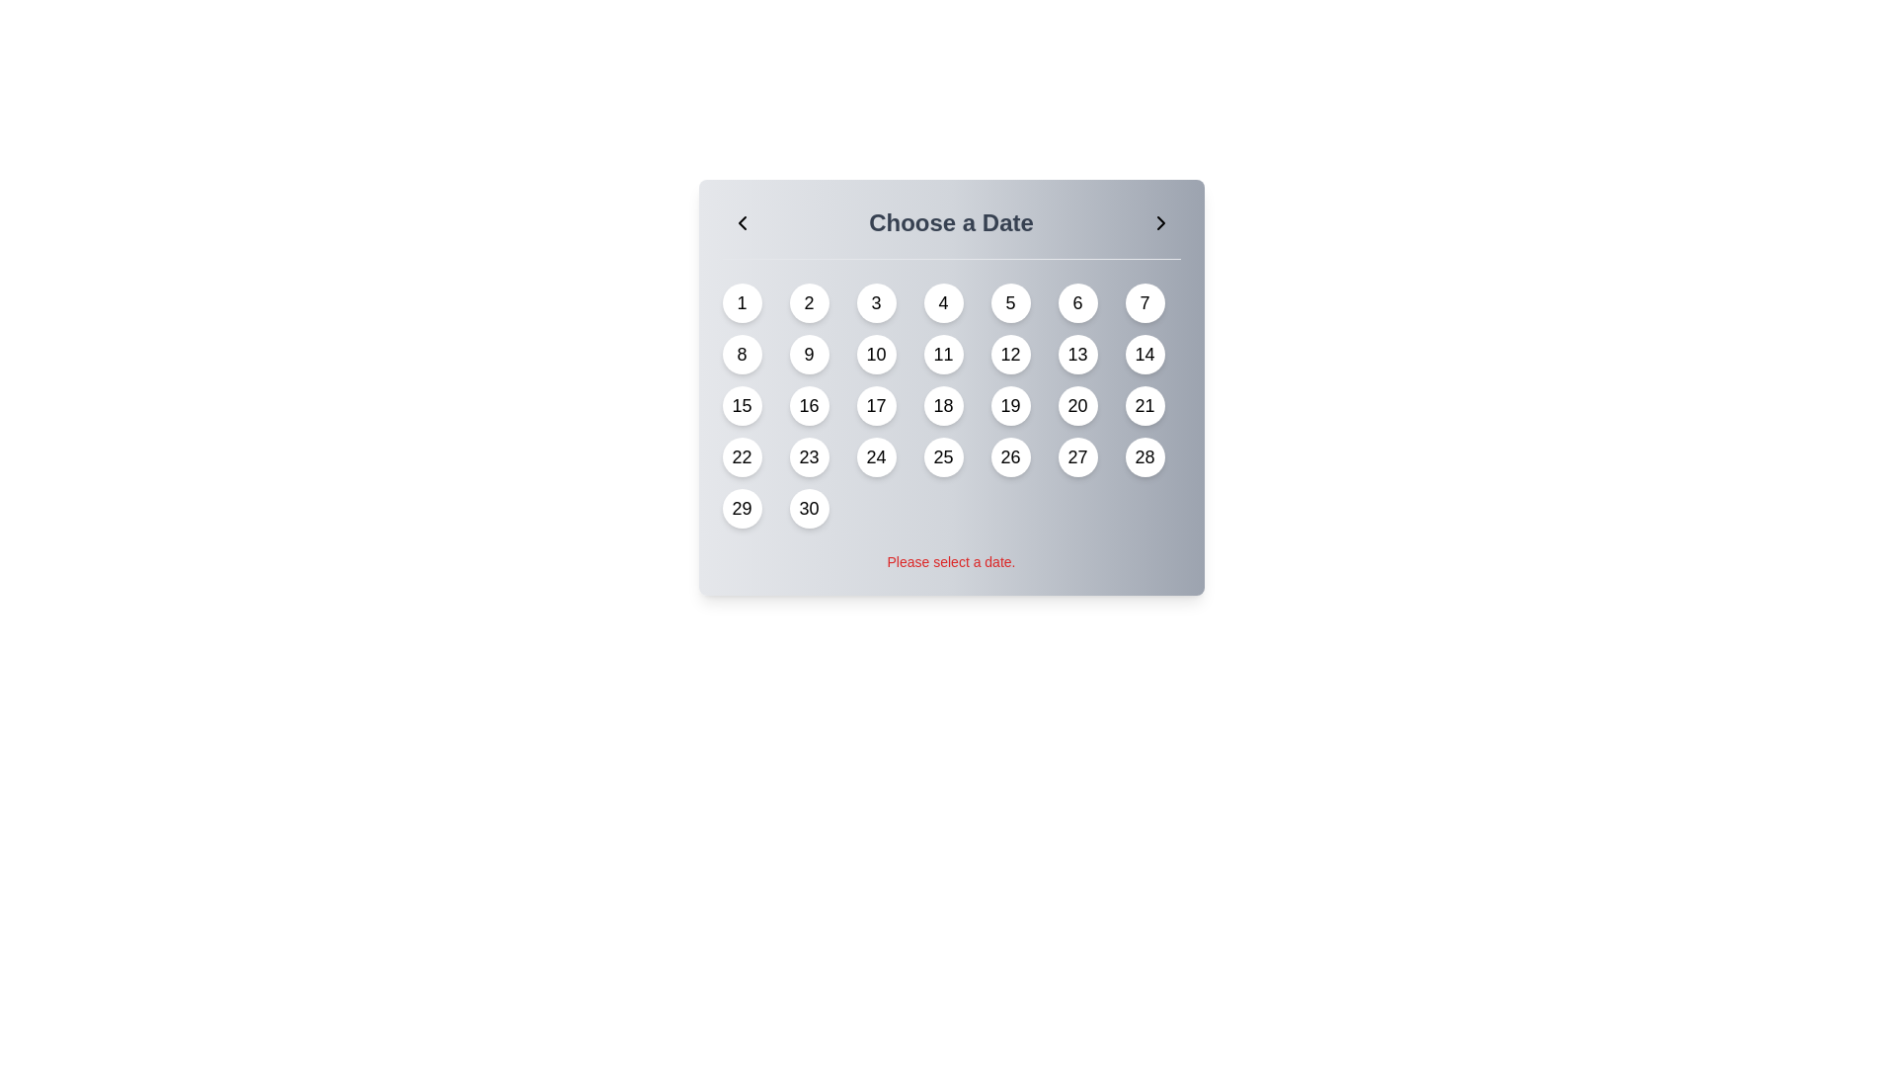 This screenshot has height=1067, width=1896. I want to click on the circular button labeled '10' in the date picker interface, so click(875, 353).